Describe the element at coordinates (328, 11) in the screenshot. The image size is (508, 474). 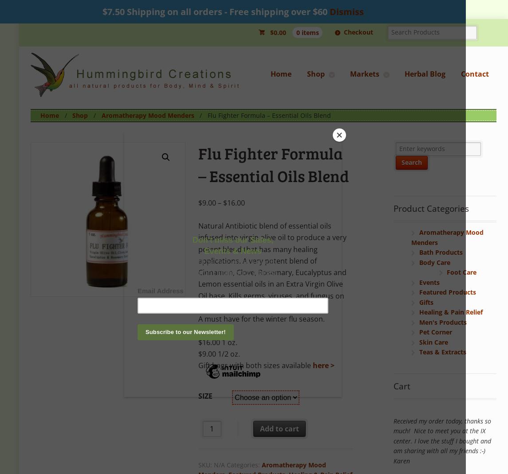
I see `'Dismiss'` at that location.